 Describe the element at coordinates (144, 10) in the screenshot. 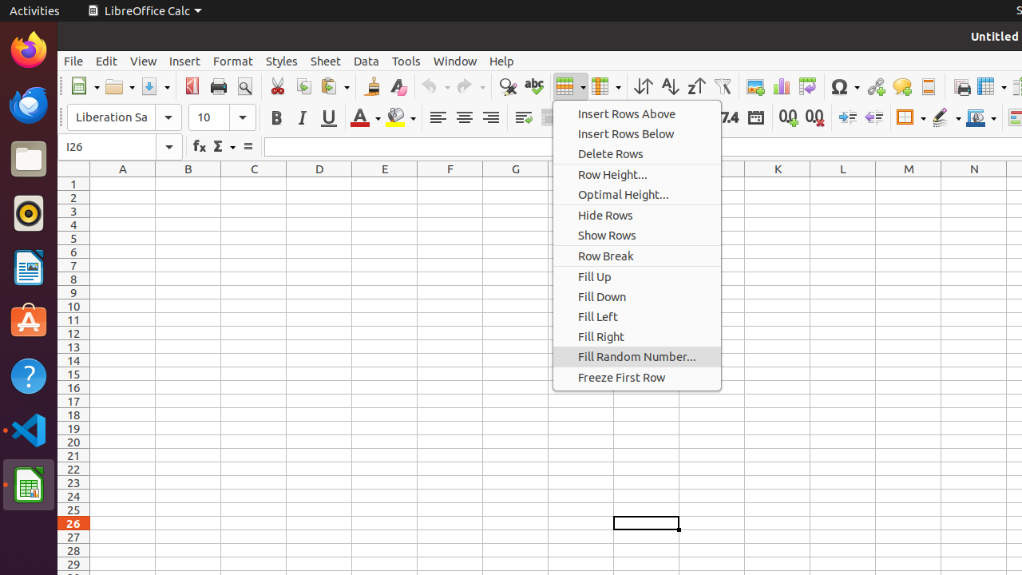

I see `'LibreOffice Calc'` at that location.